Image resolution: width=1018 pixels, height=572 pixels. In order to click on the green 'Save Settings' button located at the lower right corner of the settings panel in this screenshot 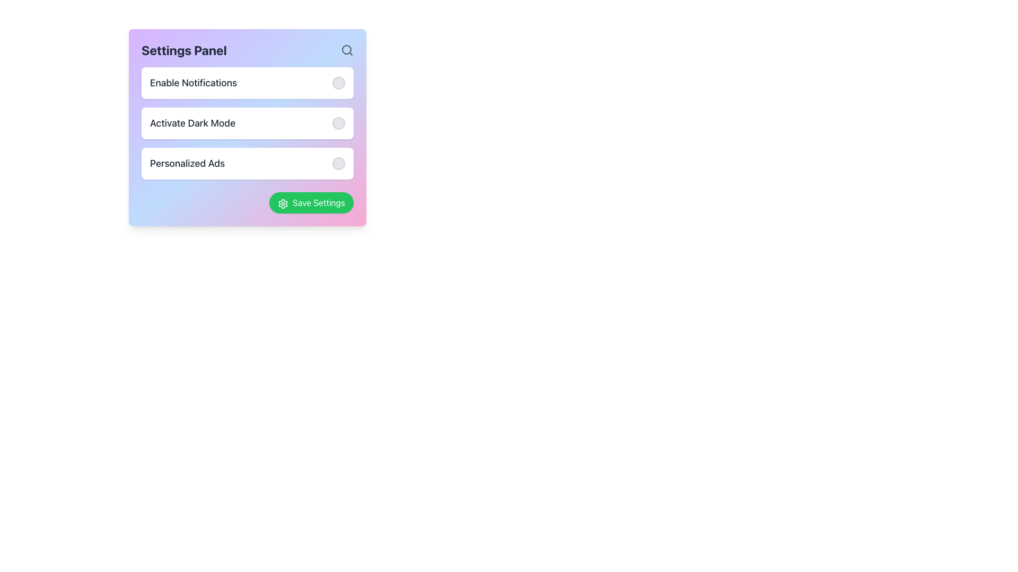, I will do `click(311, 202)`.